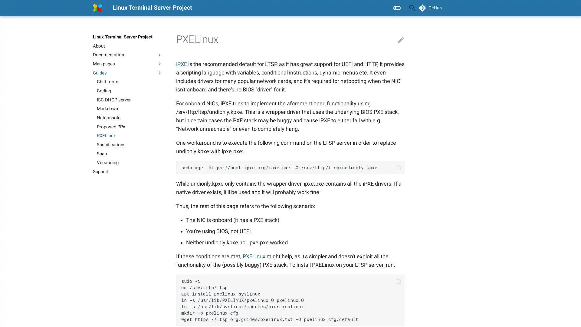 Image resolution: width=581 pixels, height=327 pixels. What do you see at coordinates (398, 8) in the screenshot?
I see `Clear` at bounding box center [398, 8].